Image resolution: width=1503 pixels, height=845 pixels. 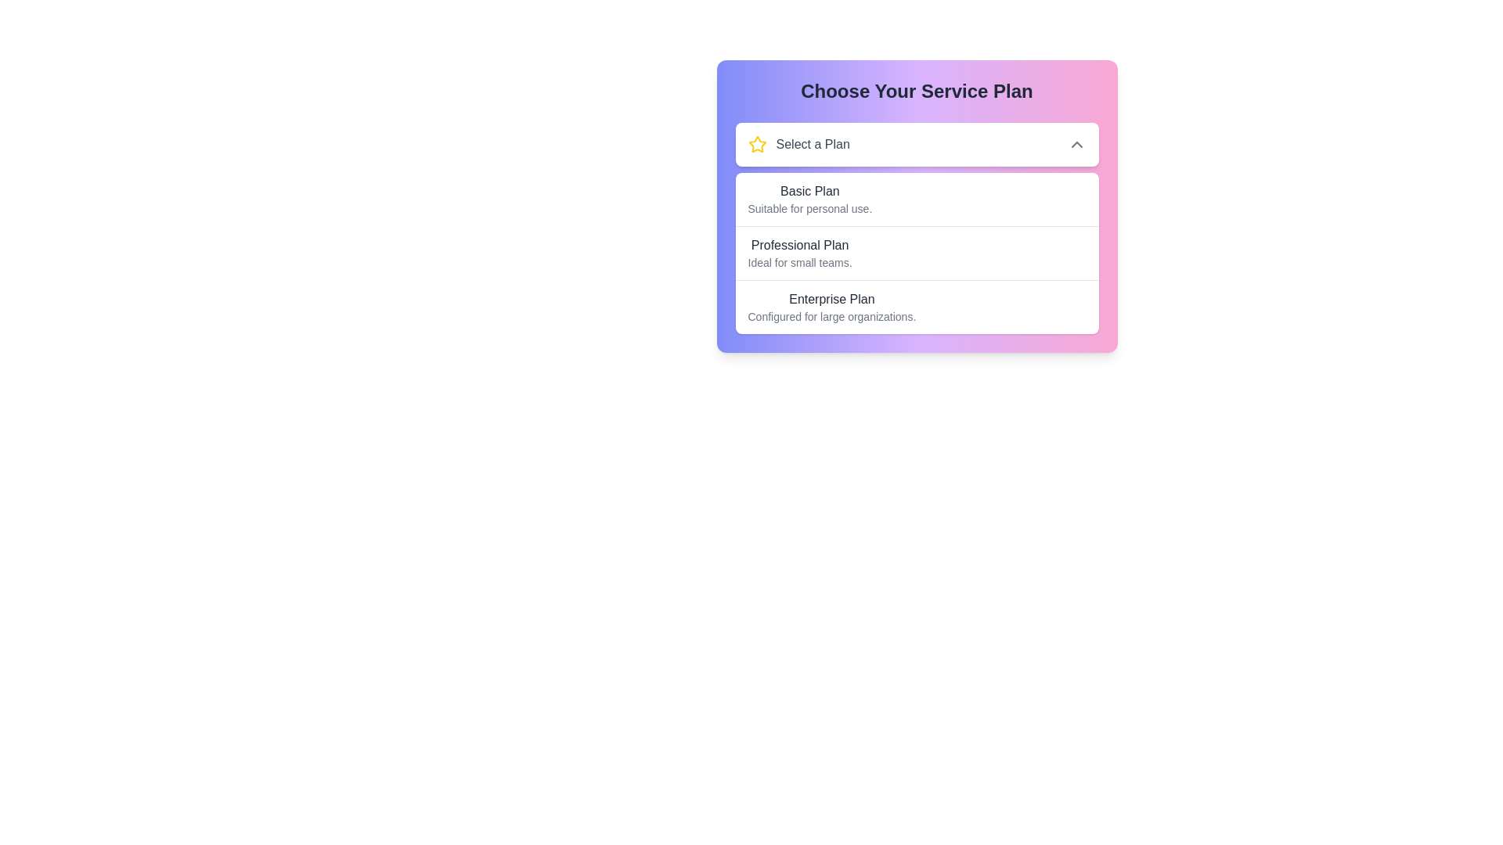 I want to click on the 'Select a Plan' text label, which is displayed in a medium-weight, gray font and is centrally aligned within the panel titled 'Choose Your Service Plan', located to the right of a yellow star icon, so click(x=813, y=145).